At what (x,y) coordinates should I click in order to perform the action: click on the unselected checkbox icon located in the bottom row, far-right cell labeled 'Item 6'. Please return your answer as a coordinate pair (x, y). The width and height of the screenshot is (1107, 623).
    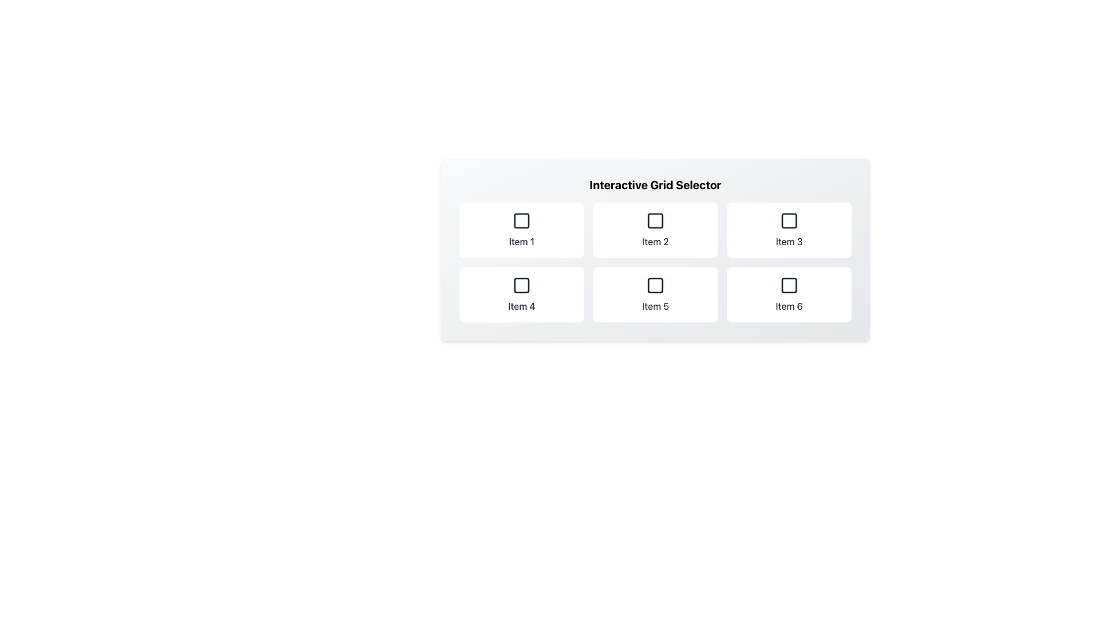
    Looking at the image, I should click on (788, 285).